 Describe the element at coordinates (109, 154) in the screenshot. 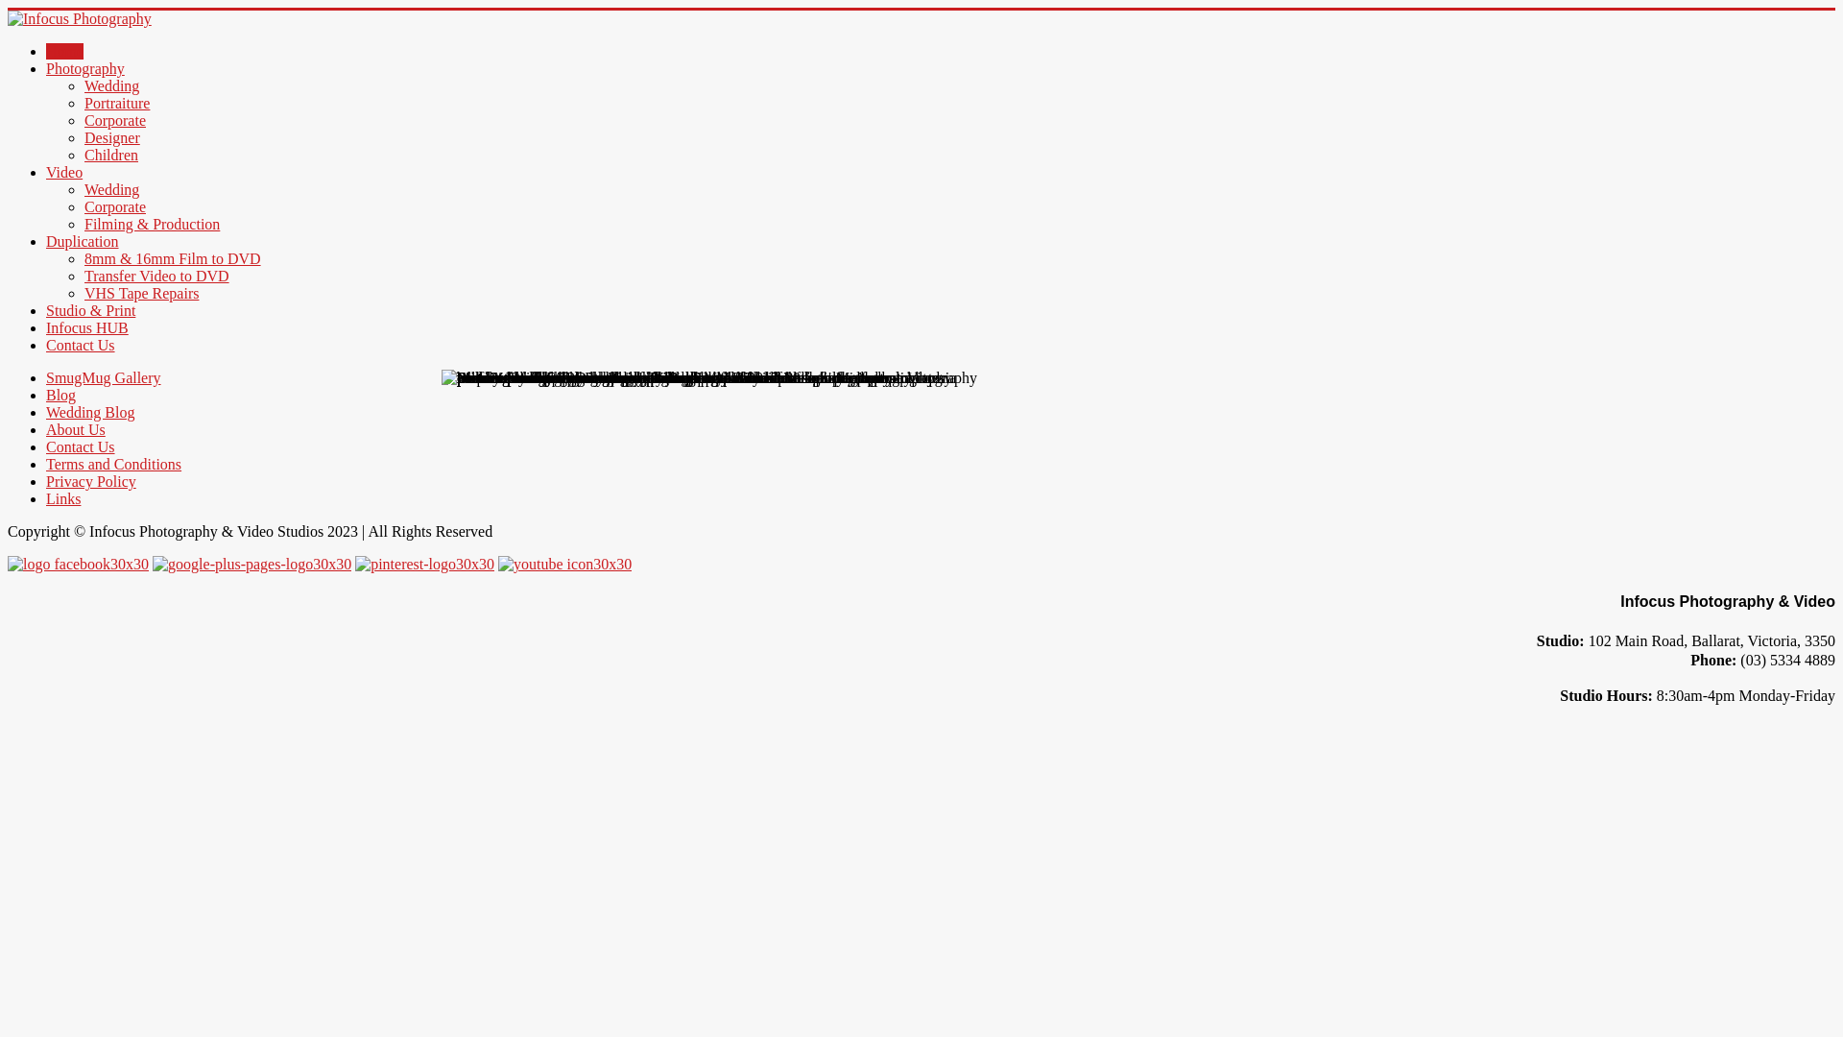

I see `'Children'` at that location.